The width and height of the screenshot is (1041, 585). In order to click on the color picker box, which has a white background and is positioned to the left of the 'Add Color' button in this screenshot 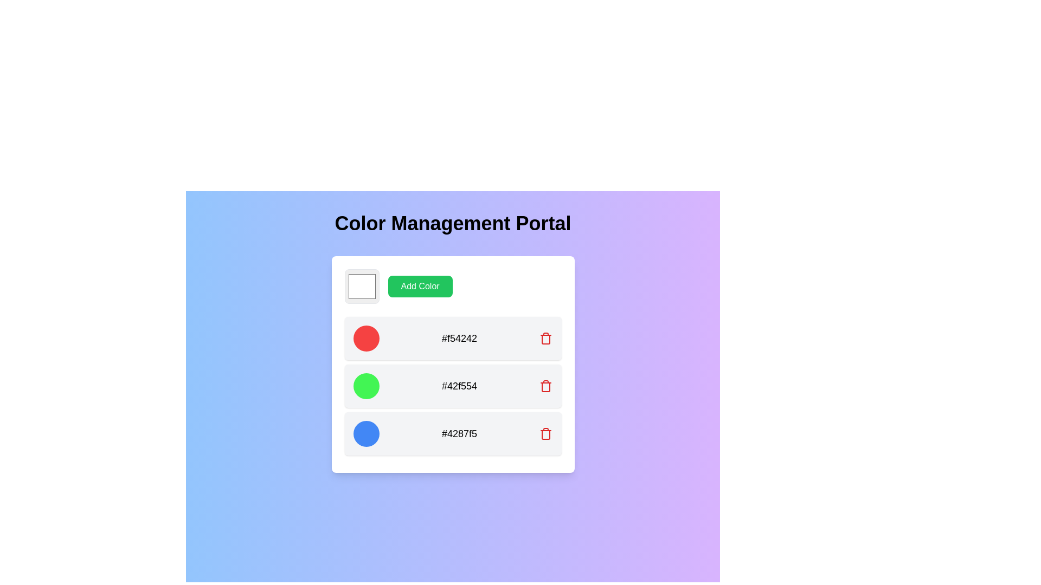, I will do `click(362, 285)`.